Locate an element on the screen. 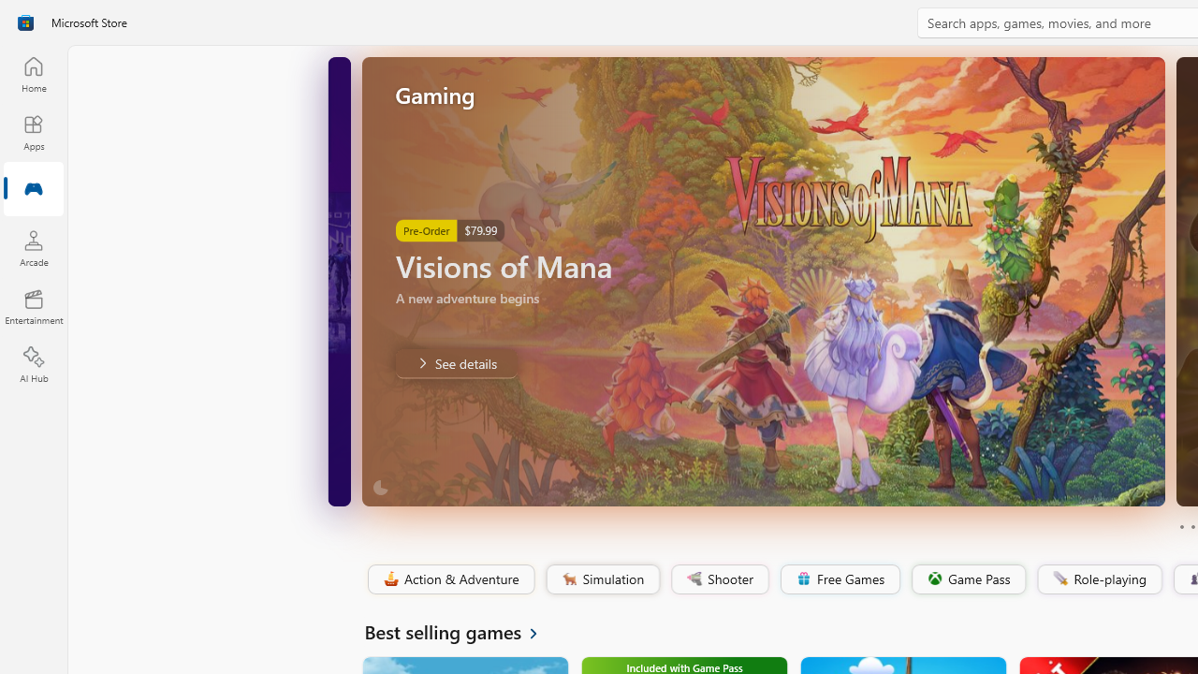  'Action & Adventure' is located at coordinates (449, 579).